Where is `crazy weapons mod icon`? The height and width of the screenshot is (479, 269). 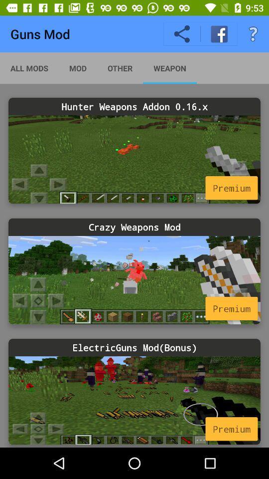
crazy weapons mod icon is located at coordinates (134, 227).